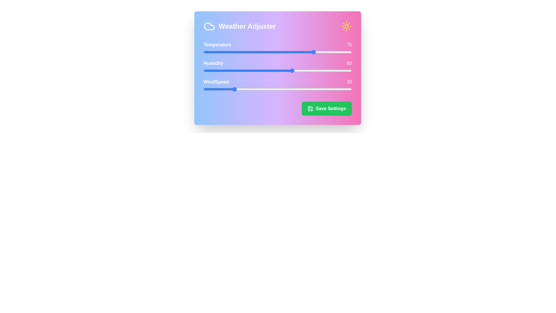  Describe the element at coordinates (349, 63) in the screenshot. I see `the numeric label displaying '60' in white color, styled with a modern sans-serif font, located to the right of the 'Humidity' label within the 'Weather Adjuster' card` at that location.